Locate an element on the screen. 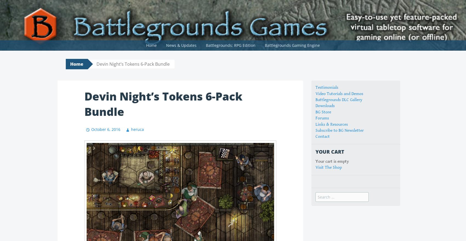 This screenshot has width=466, height=241. 'Contact' is located at coordinates (316, 136).